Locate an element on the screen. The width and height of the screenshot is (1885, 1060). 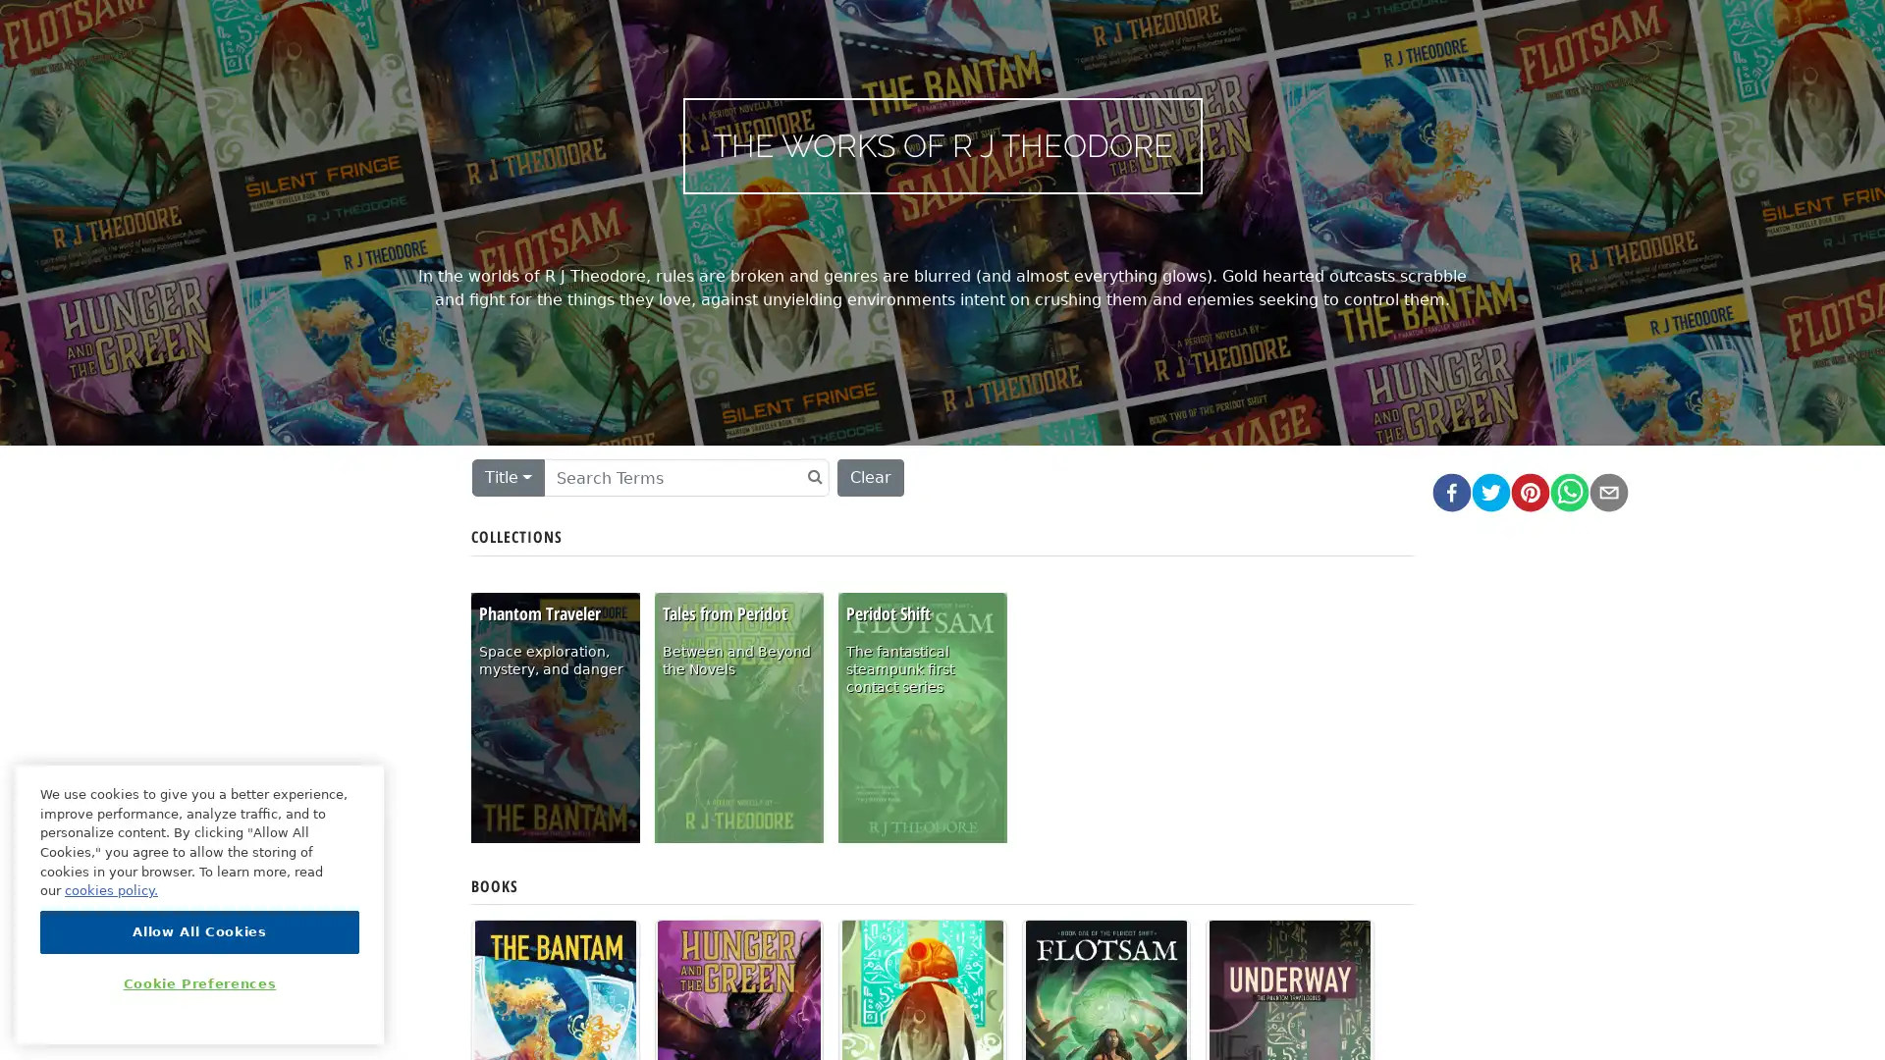
twitter is located at coordinates (1489, 490).